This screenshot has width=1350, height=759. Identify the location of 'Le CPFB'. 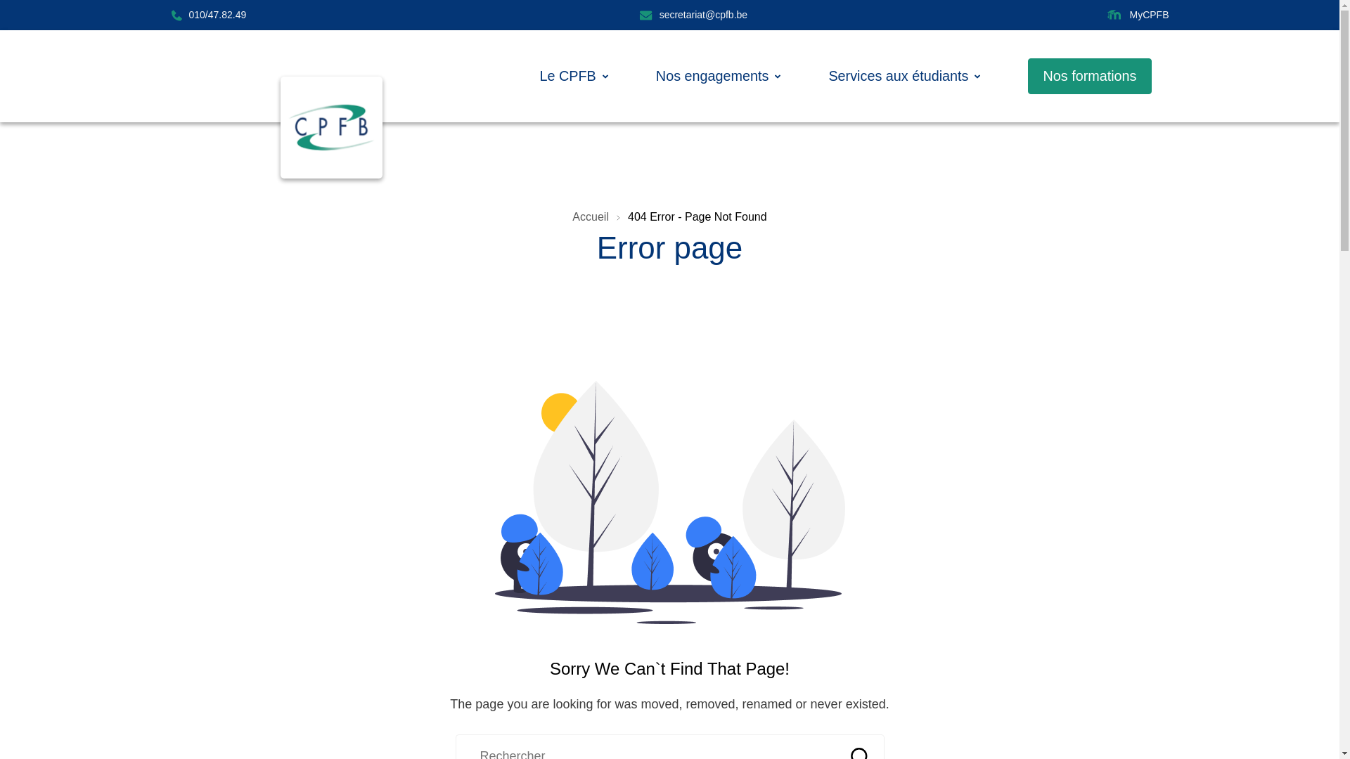
(567, 76).